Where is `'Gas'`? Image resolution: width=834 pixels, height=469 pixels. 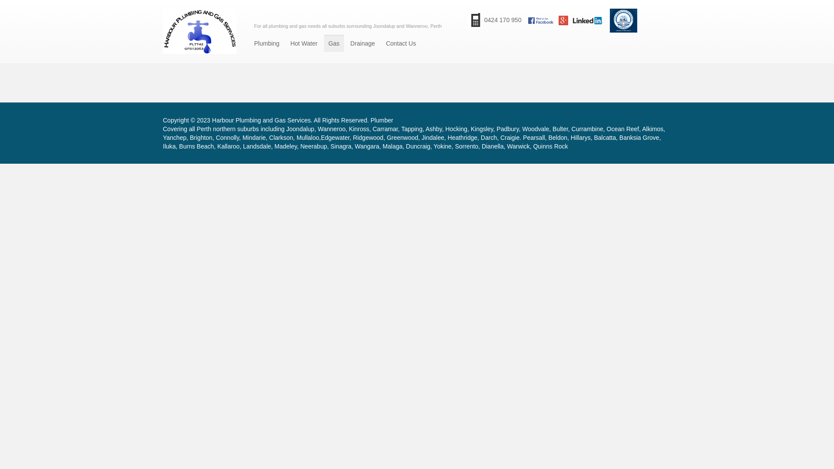 'Gas' is located at coordinates (333, 43).